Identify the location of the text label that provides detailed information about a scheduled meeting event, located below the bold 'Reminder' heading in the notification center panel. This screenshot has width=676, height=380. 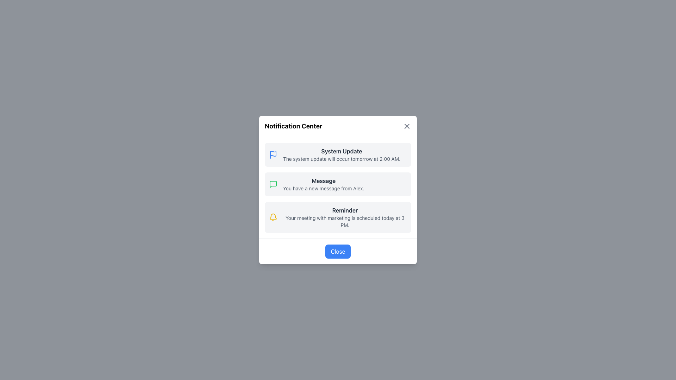
(345, 221).